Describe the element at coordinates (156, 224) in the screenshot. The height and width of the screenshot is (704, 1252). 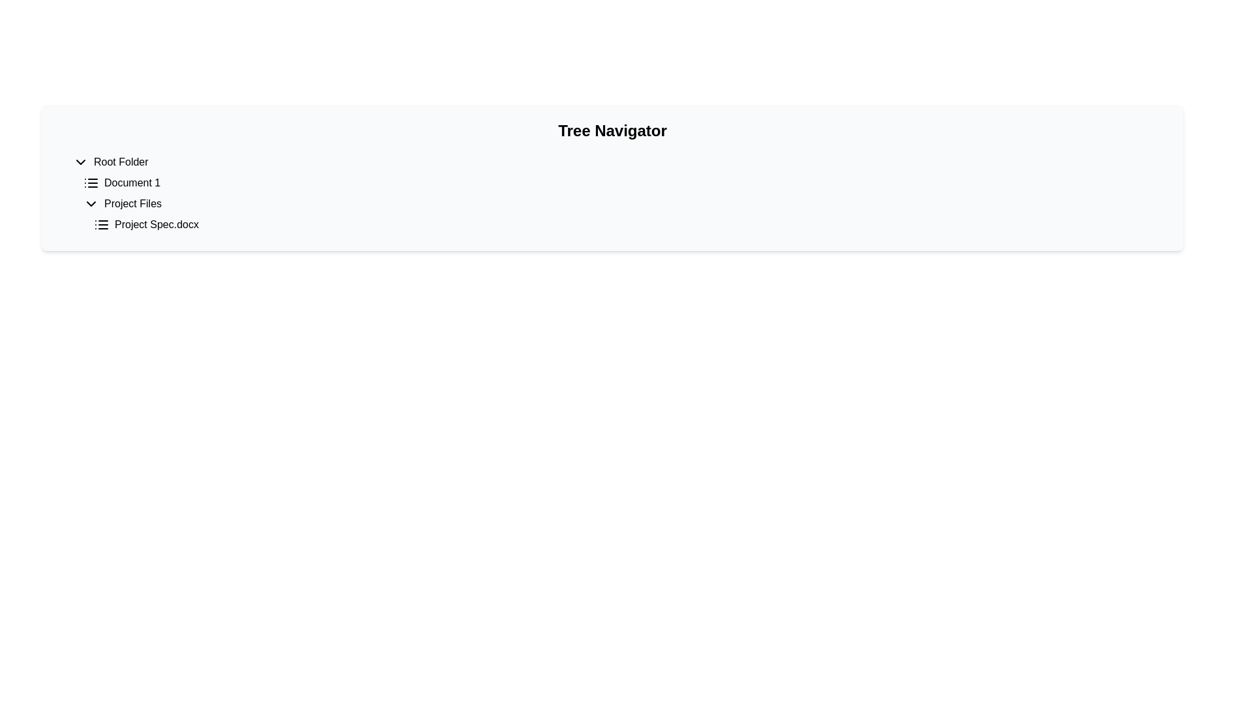
I see `the file name displayed in the text label 'Project Spec.docx', which is located in the file explorer tree beneath the 'Project Files' directory` at that location.